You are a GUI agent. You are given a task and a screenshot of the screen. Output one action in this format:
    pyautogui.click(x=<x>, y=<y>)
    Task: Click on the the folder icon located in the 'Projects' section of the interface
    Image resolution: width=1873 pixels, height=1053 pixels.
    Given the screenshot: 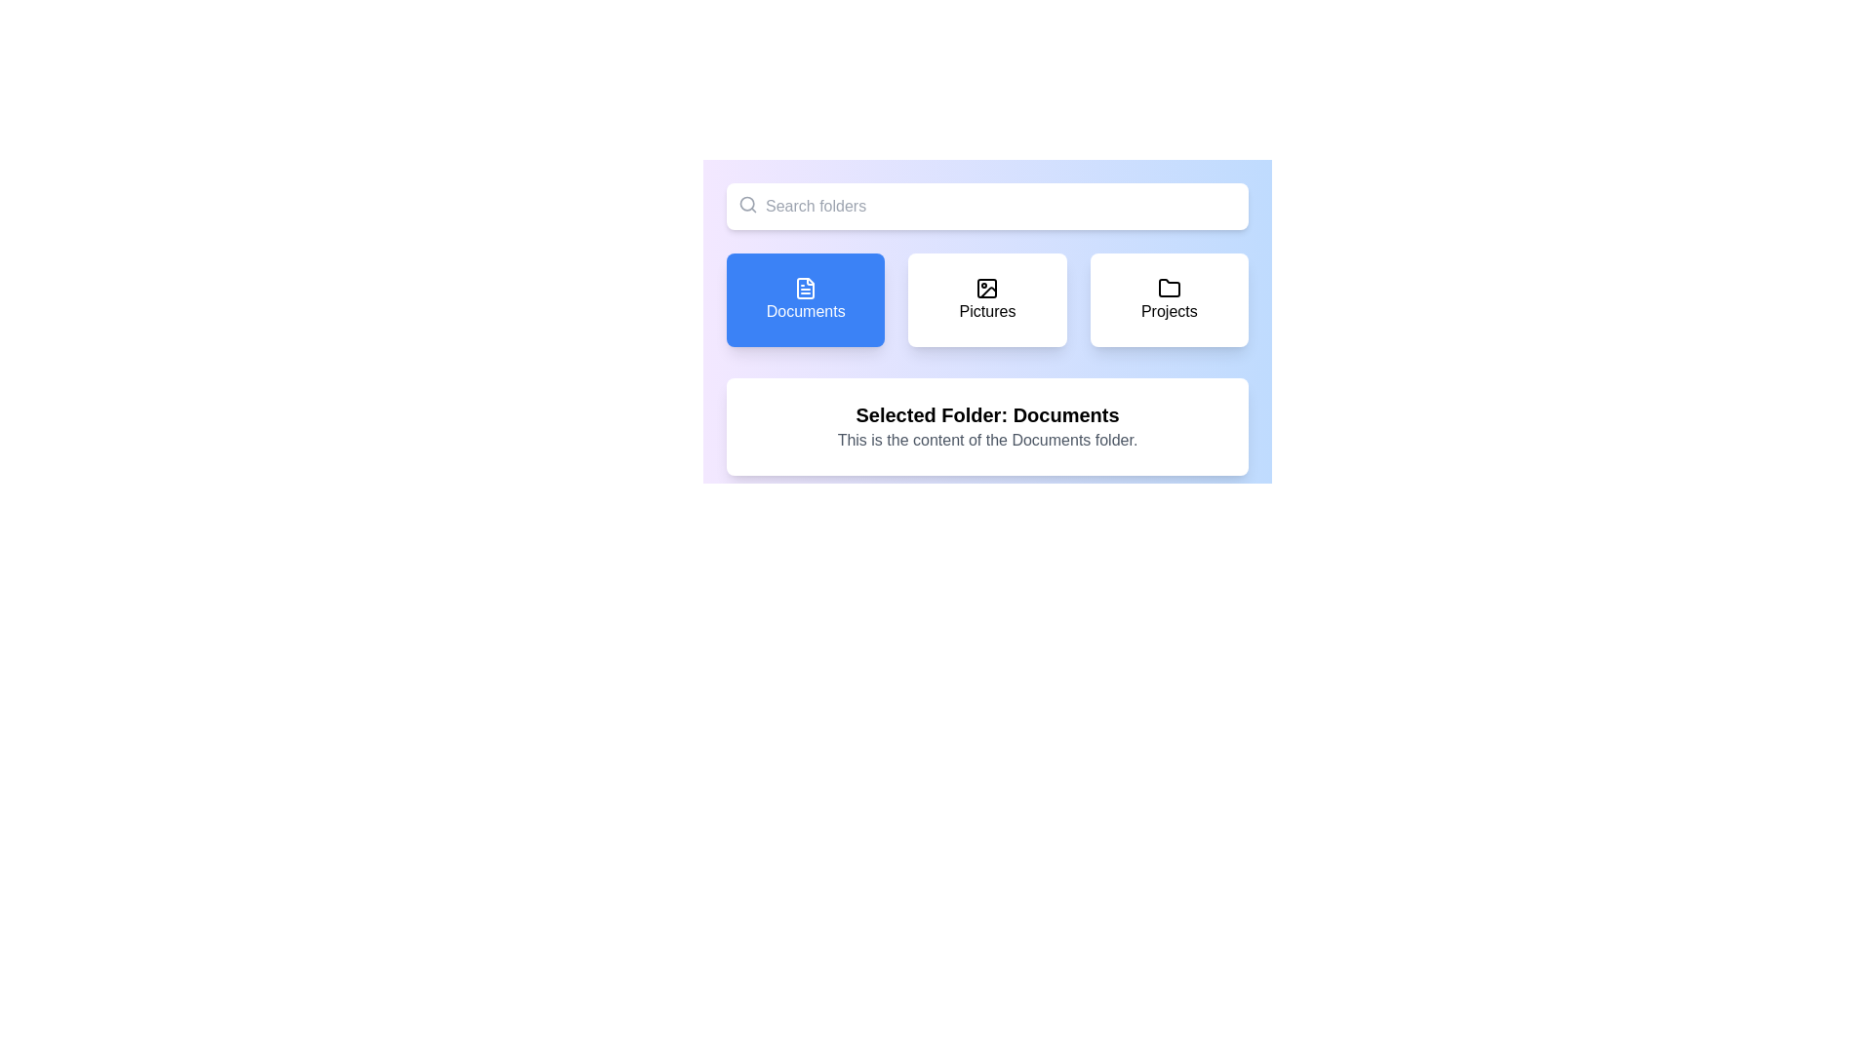 What is the action you would take?
    pyautogui.click(x=1169, y=288)
    